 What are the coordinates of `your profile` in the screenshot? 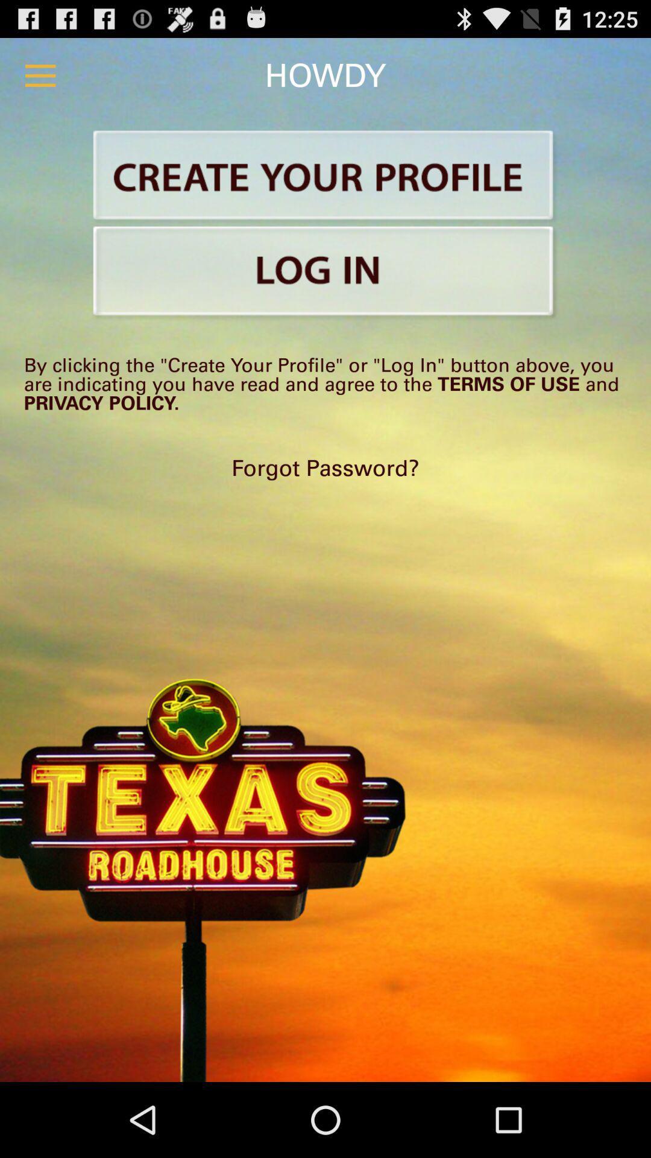 It's located at (325, 177).